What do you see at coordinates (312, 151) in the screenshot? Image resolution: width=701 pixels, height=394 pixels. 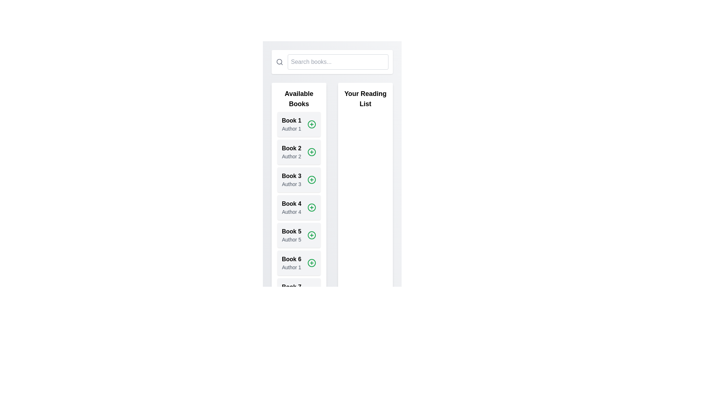 I see `the button located at the far right side of the list item for 'Book 2' by 'Author 2'` at bounding box center [312, 151].